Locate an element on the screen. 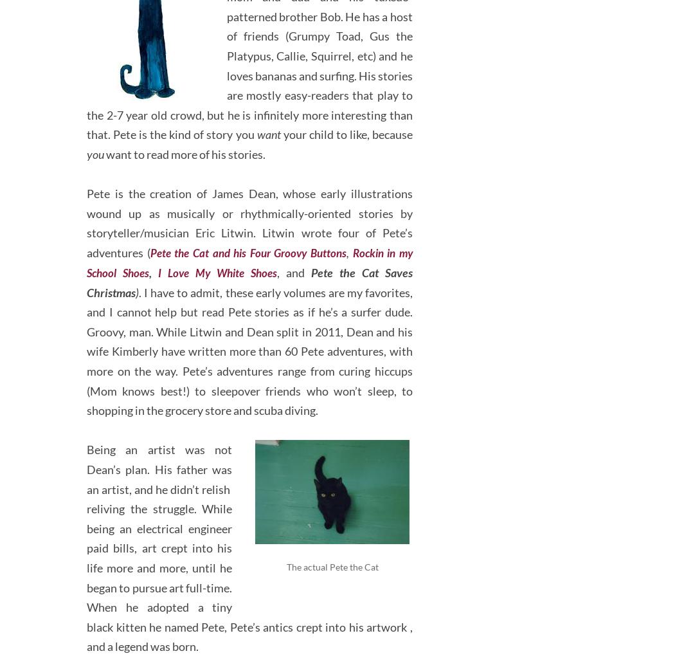 The width and height of the screenshot is (675, 667). '. I have to admit, these early volumes are my favorites, and I cannot help but read Pete stories as if he’s a surfer dude. Groovy, man. While Litwin and Dean split in 2011, Dean and his wife Kimberly have written more than 60 Pete adventures, with more on the way. Pete’s adventures range from curing hiccups (Mom knows best!) to sleepover friends who won’t sleep, to shopping in the grocery store and scuba diving.' is located at coordinates (249, 344).